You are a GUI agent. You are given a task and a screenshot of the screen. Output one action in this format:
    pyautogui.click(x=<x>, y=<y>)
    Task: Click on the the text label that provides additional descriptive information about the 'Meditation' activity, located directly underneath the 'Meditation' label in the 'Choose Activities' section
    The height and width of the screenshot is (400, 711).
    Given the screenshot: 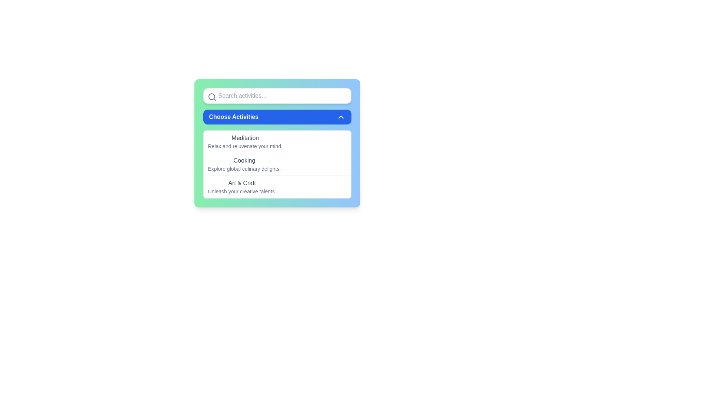 What is the action you would take?
    pyautogui.click(x=245, y=146)
    